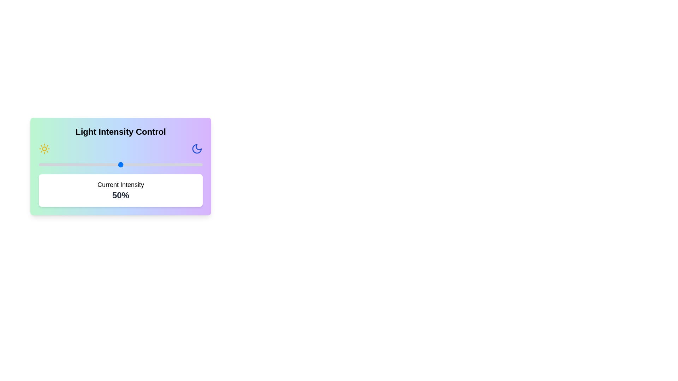 The image size is (678, 381). I want to click on the decorative graphical element at the center of the sun icon in the 'Light Intensity Control' card, so click(44, 148).